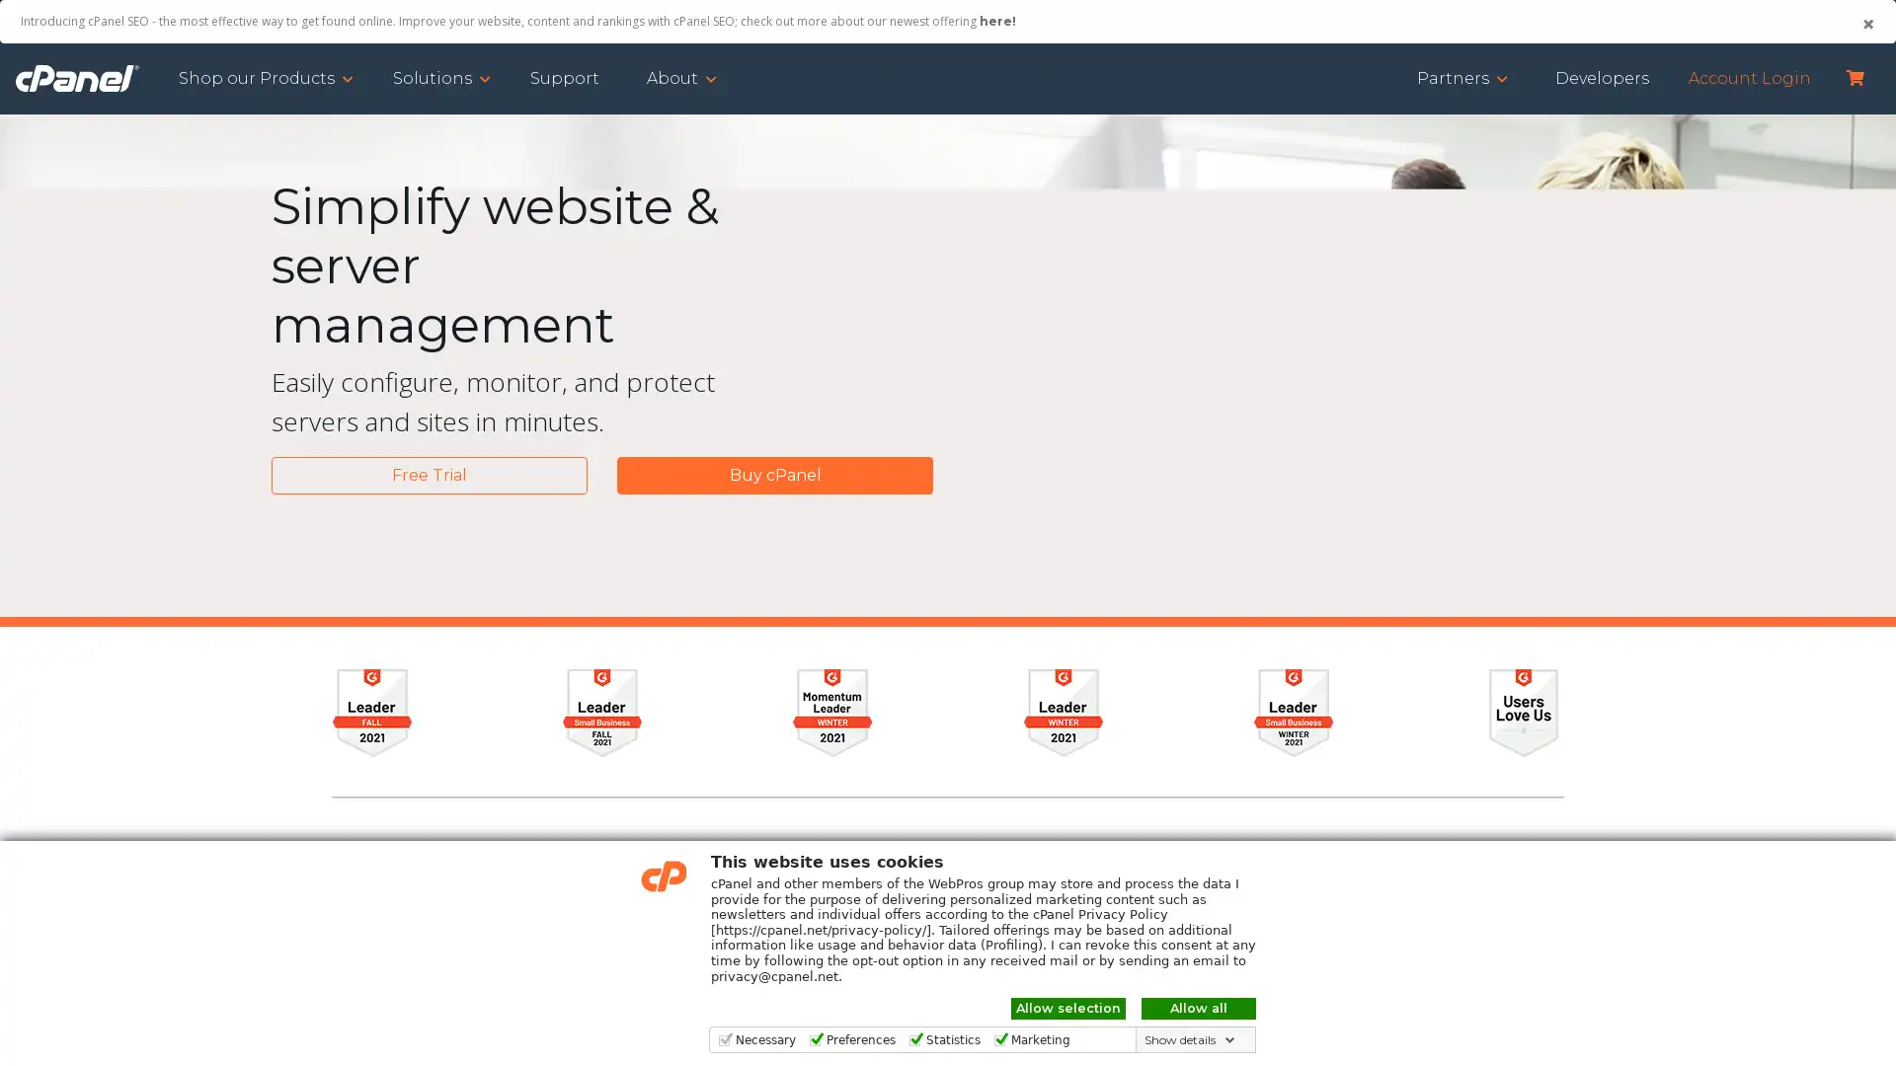 This screenshot has width=1896, height=1066. What do you see at coordinates (1866, 24) in the screenshot?
I see `Close` at bounding box center [1866, 24].